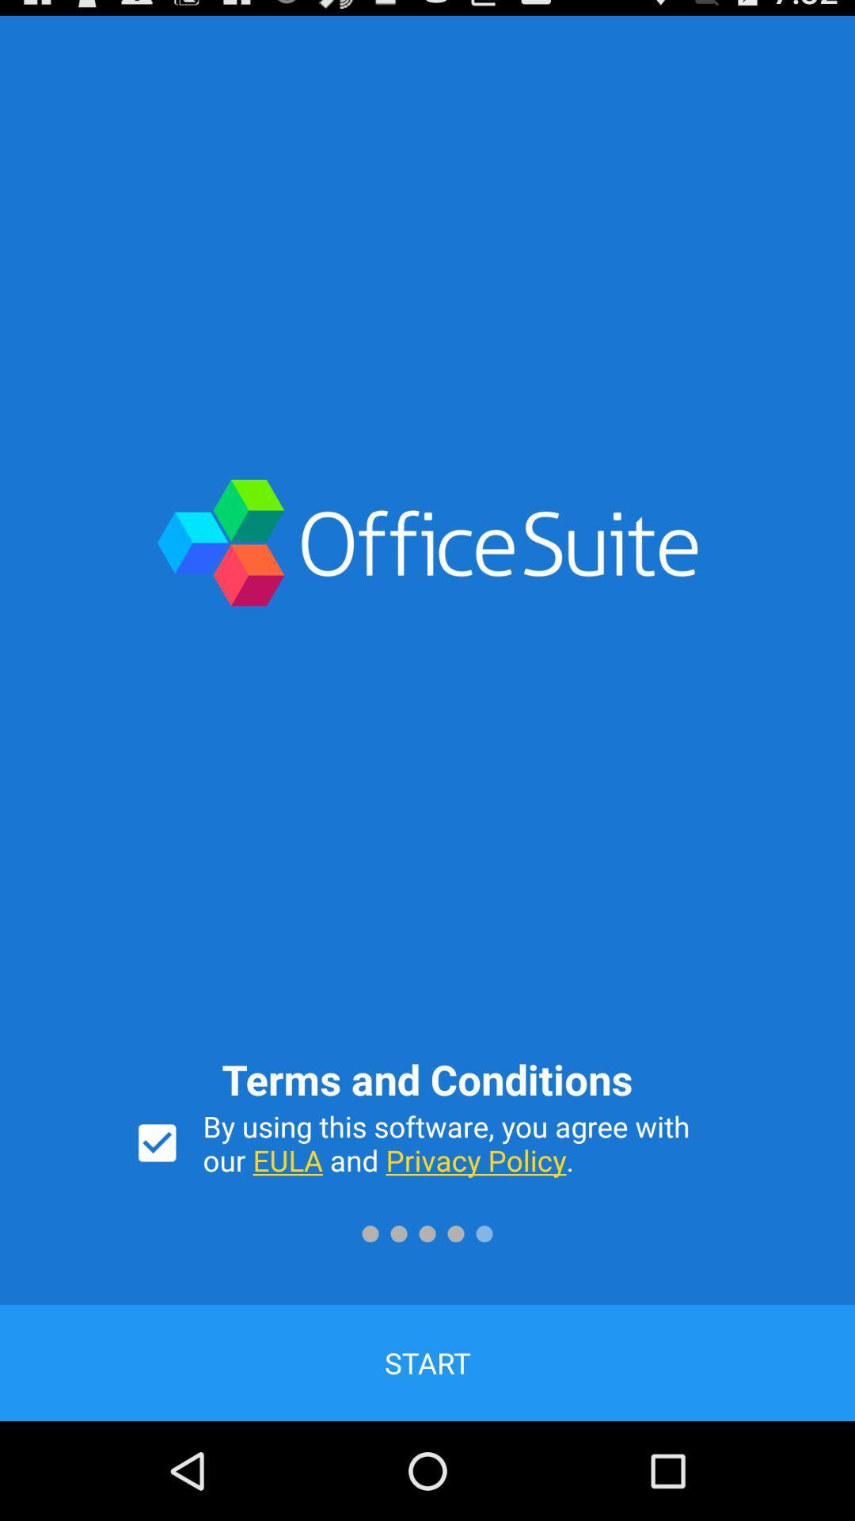 This screenshot has height=1521, width=855. What do you see at coordinates (157, 1143) in the screenshot?
I see `agree to terms and conditions` at bounding box center [157, 1143].